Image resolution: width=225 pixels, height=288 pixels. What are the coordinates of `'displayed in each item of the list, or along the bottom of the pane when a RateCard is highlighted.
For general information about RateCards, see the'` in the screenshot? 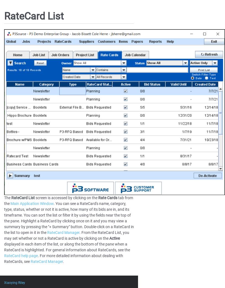 It's located at (67, 247).